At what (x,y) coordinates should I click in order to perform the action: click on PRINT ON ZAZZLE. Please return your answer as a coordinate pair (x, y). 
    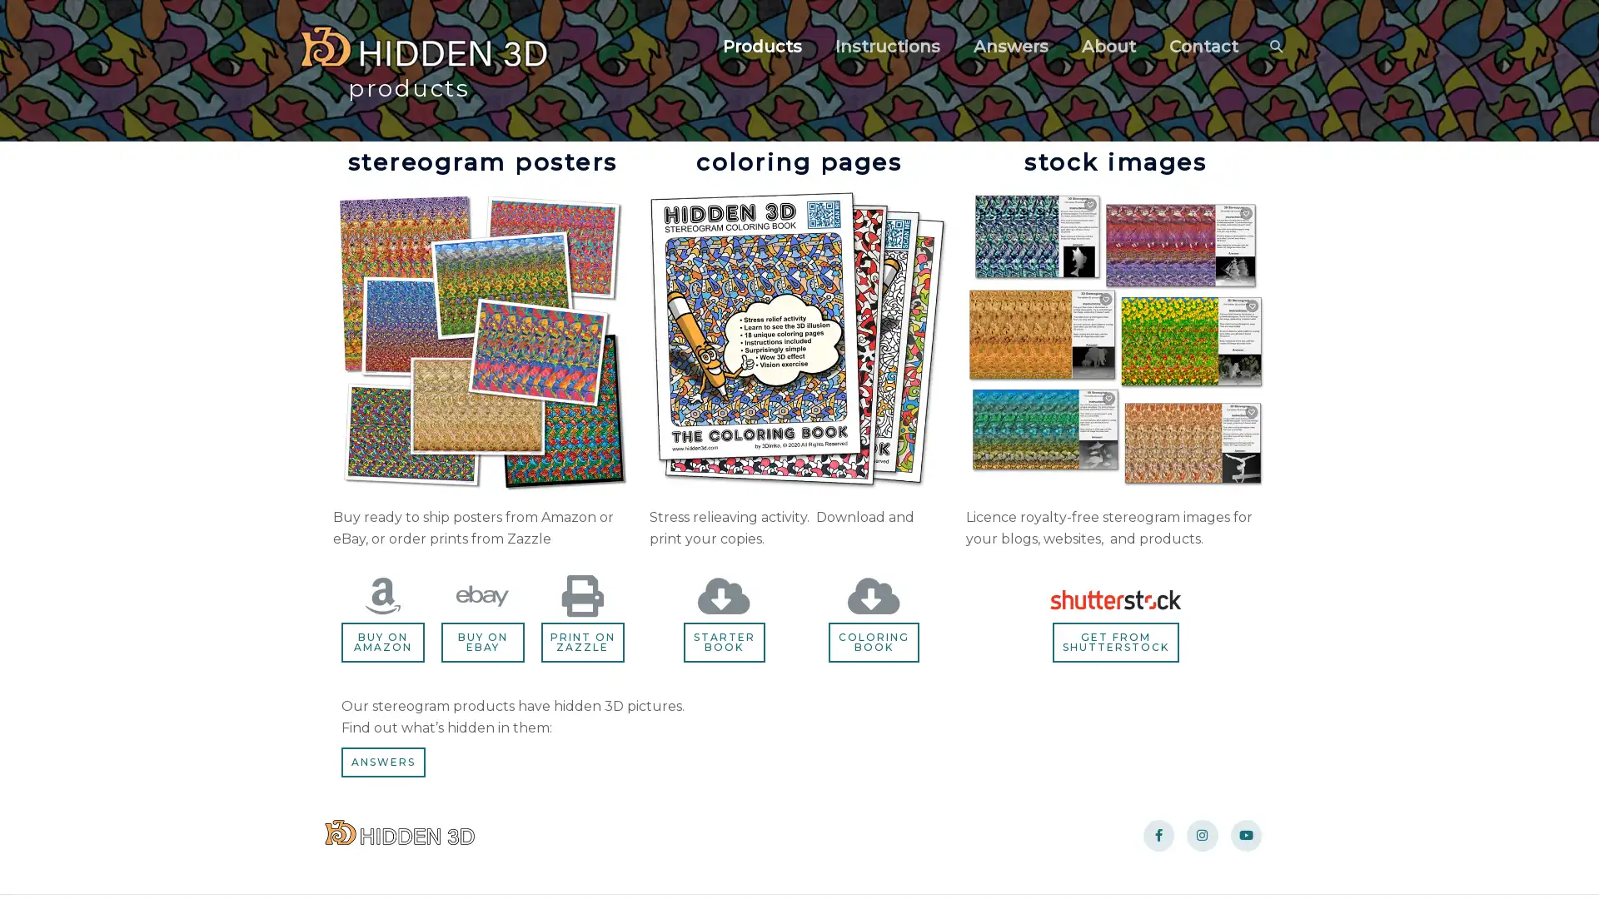
    Looking at the image, I should click on (582, 641).